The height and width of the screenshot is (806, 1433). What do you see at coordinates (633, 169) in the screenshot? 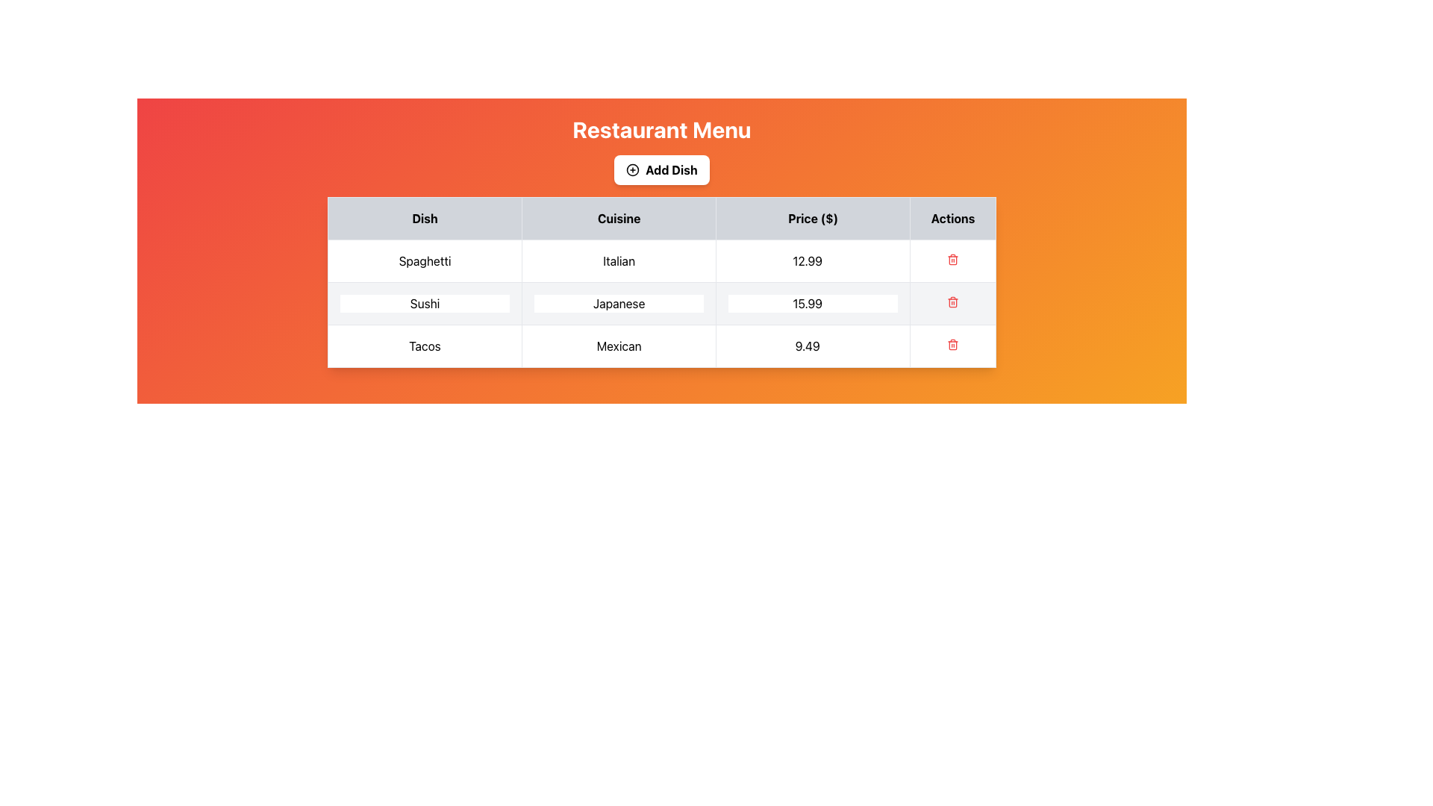
I see `the circular styling border surrounding the 'Add Dish' button located at the top center of the application` at bounding box center [633, 169].